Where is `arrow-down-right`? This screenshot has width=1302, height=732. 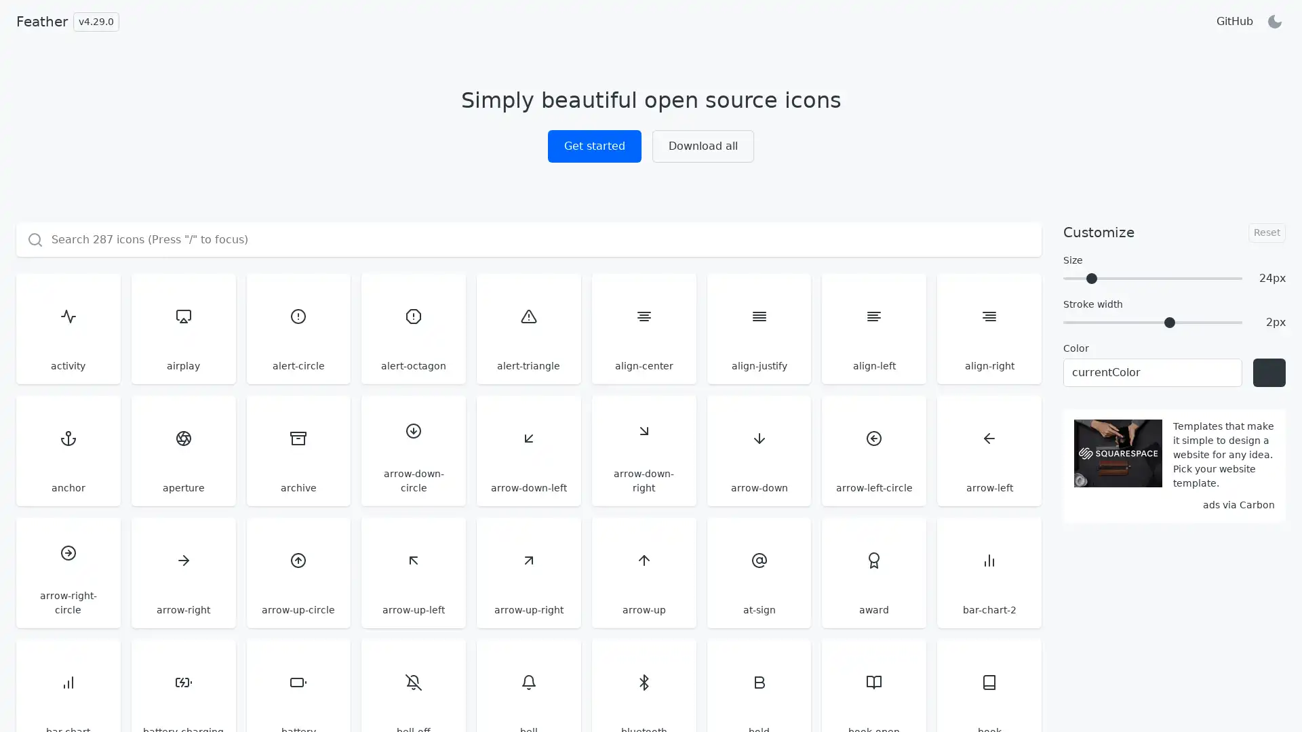 arrow-down-right is located at coordinates (643, 450).